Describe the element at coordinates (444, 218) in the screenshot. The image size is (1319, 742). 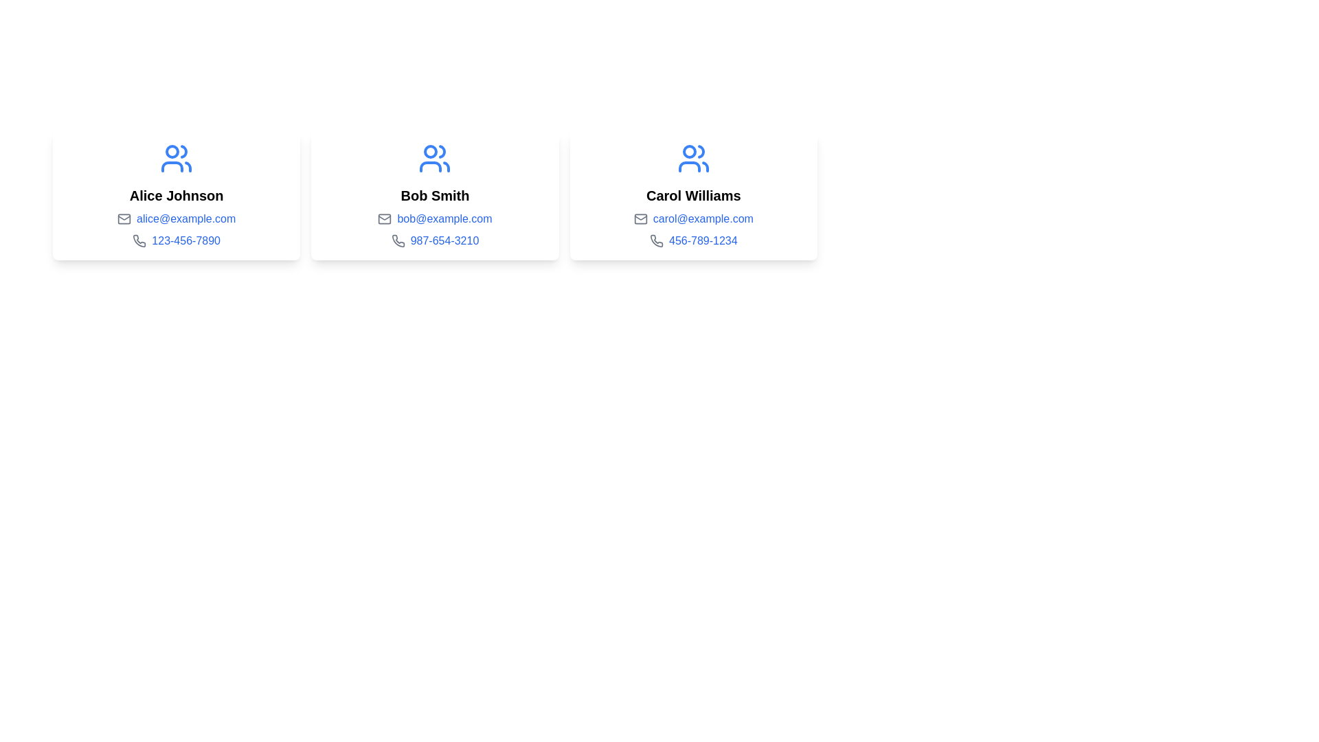
I see `the hyperlink that allows users to initiate an email client to compose an email to 'bob@example.com', located under 'Bob Smith' and next to an envelope icon` at that location.